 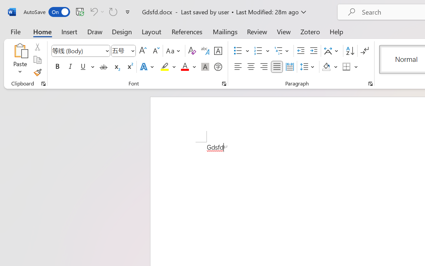 I want to click on 'Can', so click(x=96, y=11).